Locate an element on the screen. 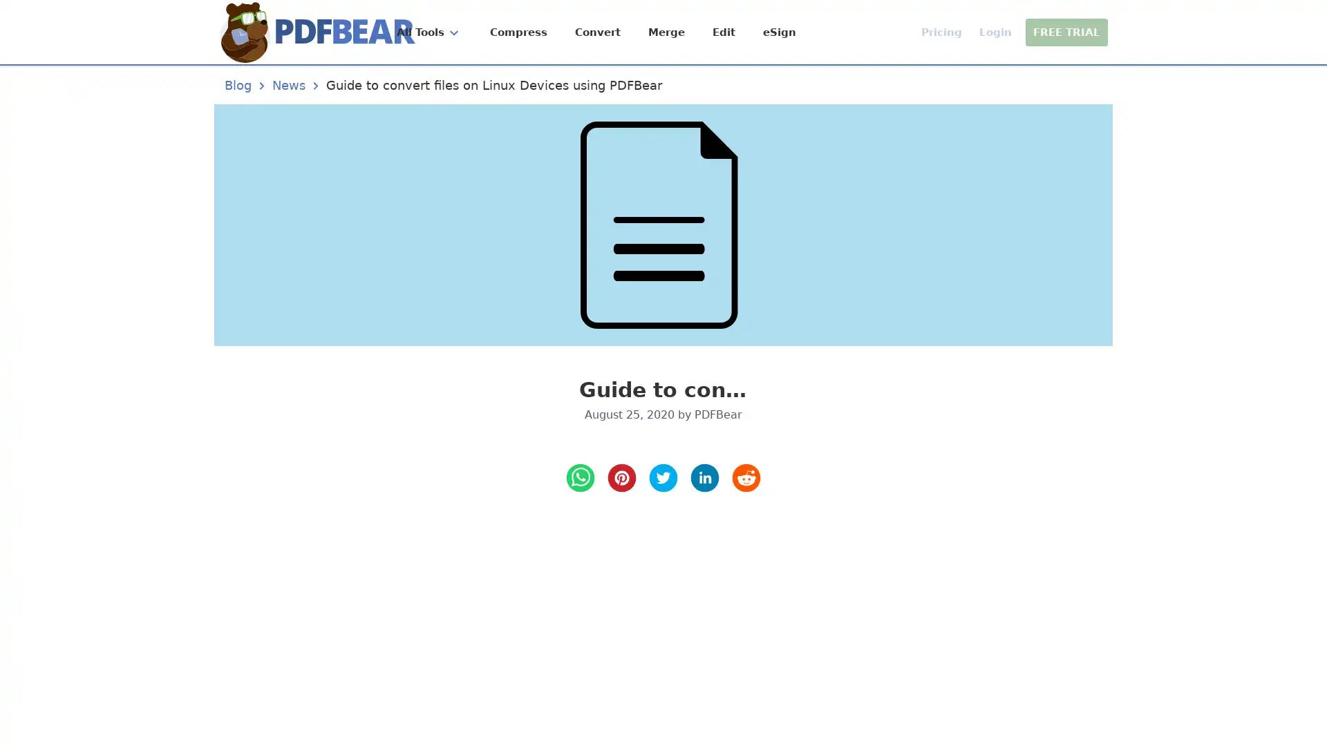  Merge is located at coordinates (666, 31).